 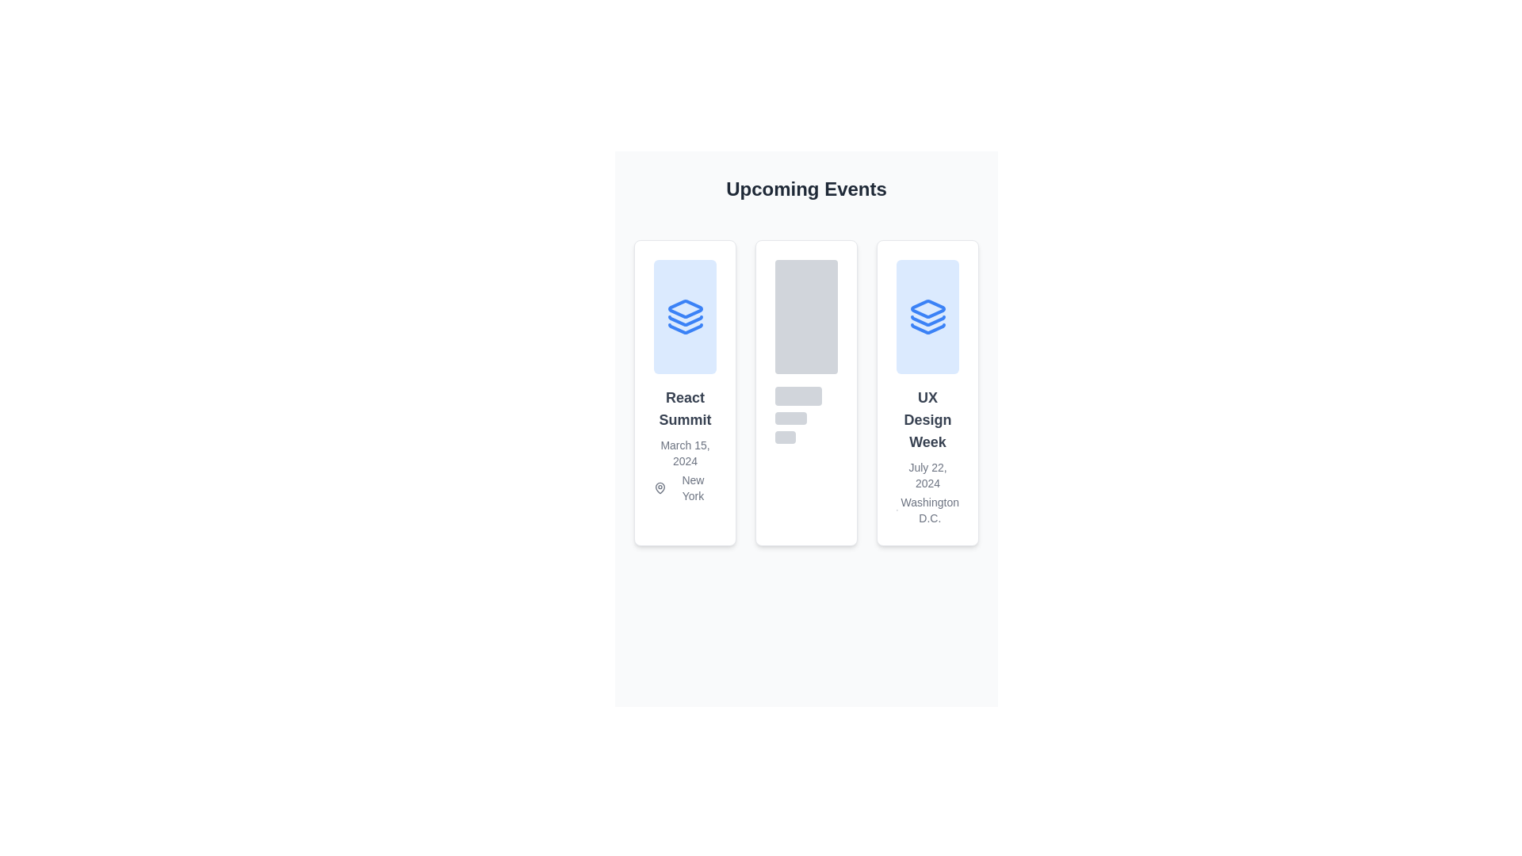 I want to click on the Event Information Card presenting details for 'UX Design Week', which is the third card in a horizontal series of three cards located on the right side, so click(x=927, y=392).